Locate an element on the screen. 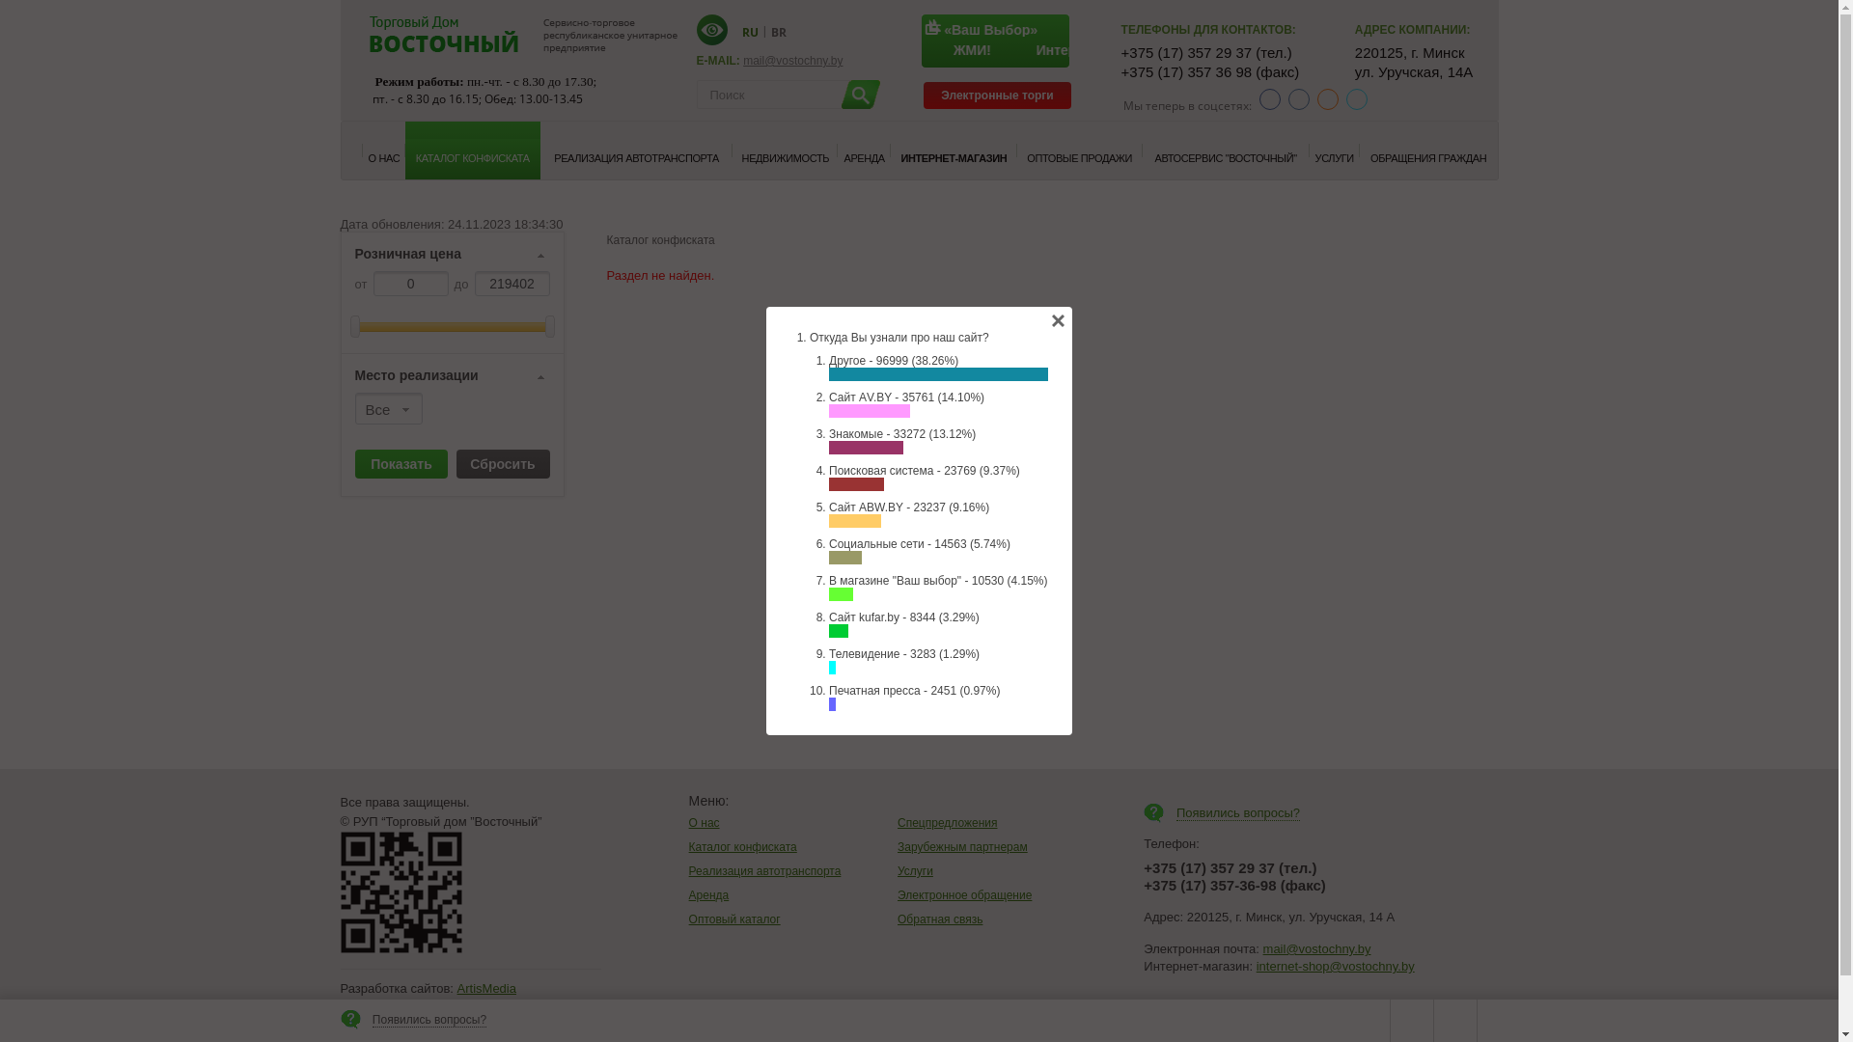 The height and width of the screenshot is (1042, 1853). 'twitter' is located at coordinates (1356, 99).